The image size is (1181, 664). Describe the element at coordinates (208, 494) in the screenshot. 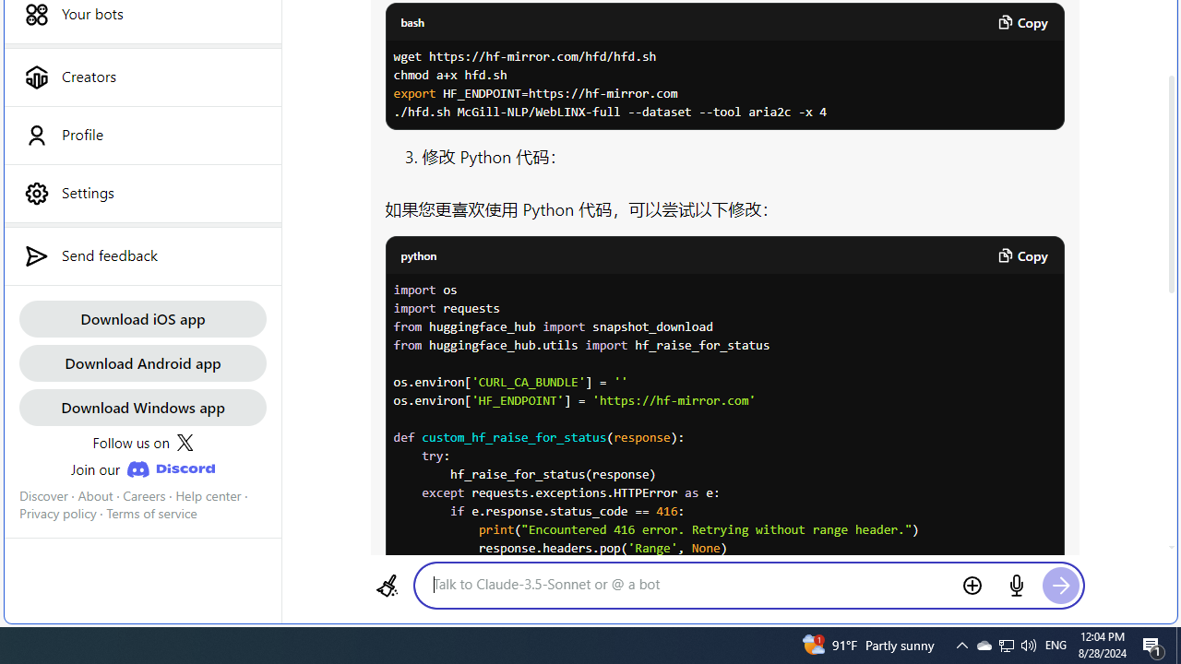

I see `'Help center'` at that location.